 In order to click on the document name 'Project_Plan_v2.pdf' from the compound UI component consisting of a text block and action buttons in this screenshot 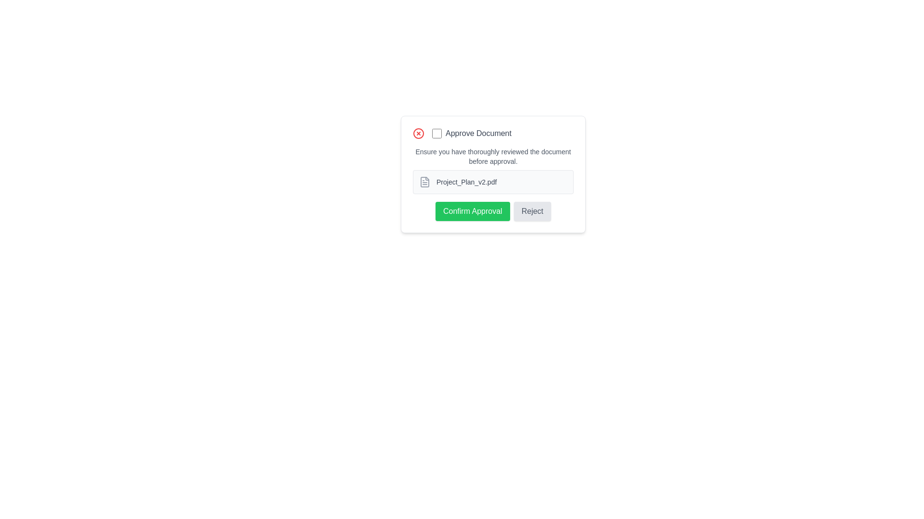, I will do `click(493, 184)`.